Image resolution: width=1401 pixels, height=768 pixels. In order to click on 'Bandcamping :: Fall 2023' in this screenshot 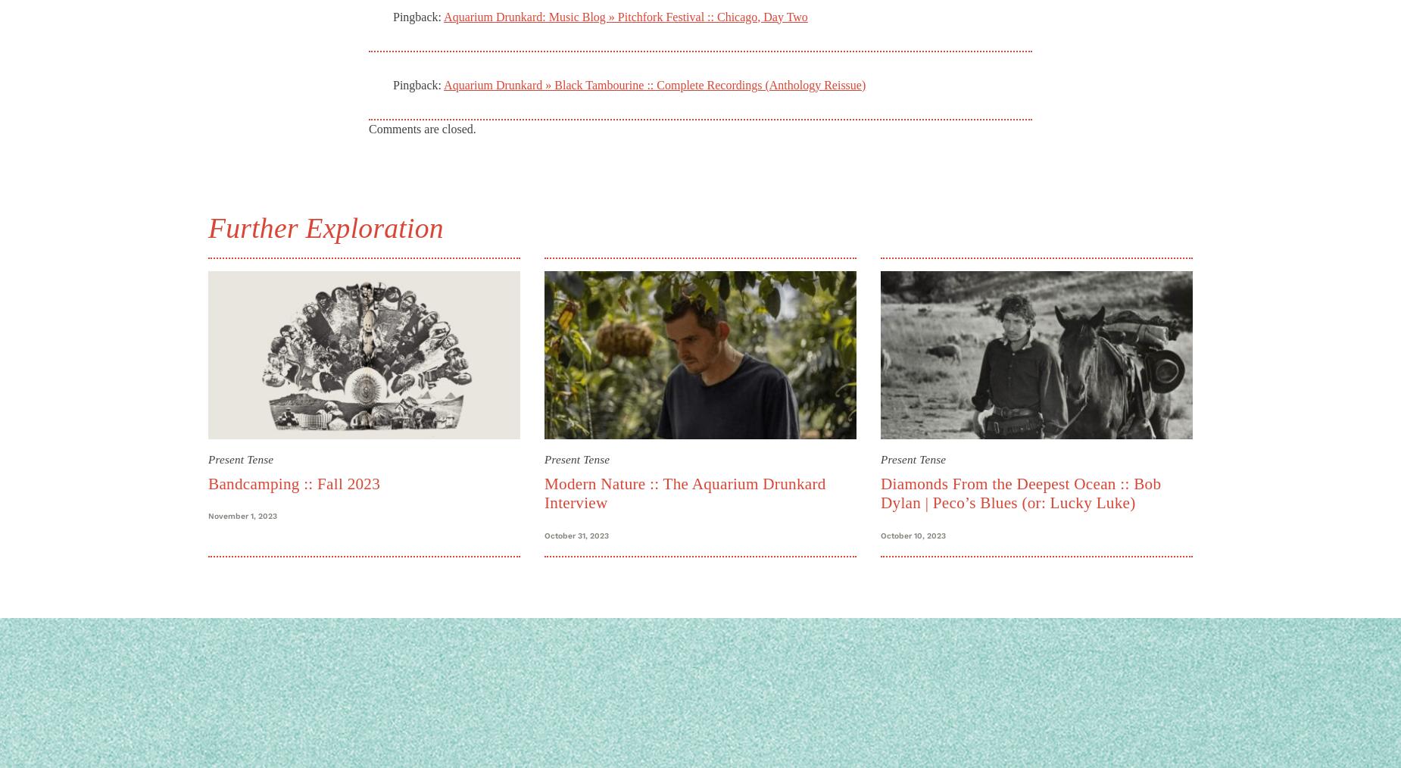, I will do `click(293, 483)`.